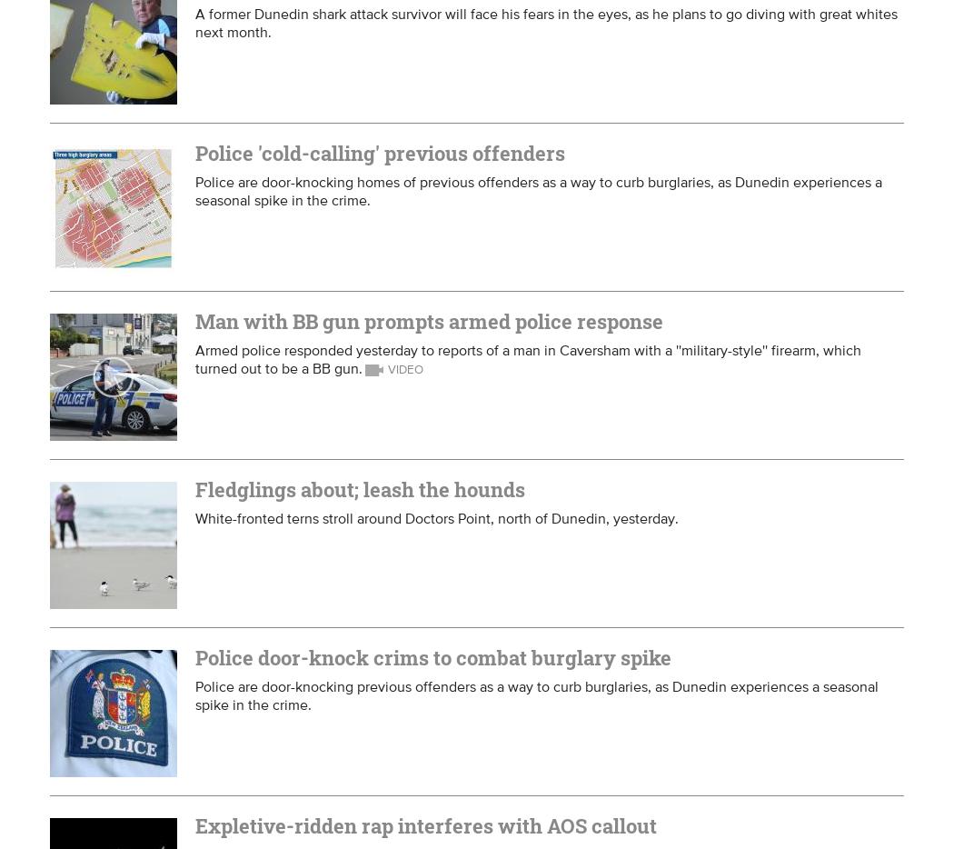 The height and width of the screenshot is (849, 954). What do you see at coordinates (546, 22) in the screenshot?
I see `'A former Dunedin shark attack survivor will face his fears in the eyes, as he plans to go diving with great whites next month.'` at bounding box center [546, 22].